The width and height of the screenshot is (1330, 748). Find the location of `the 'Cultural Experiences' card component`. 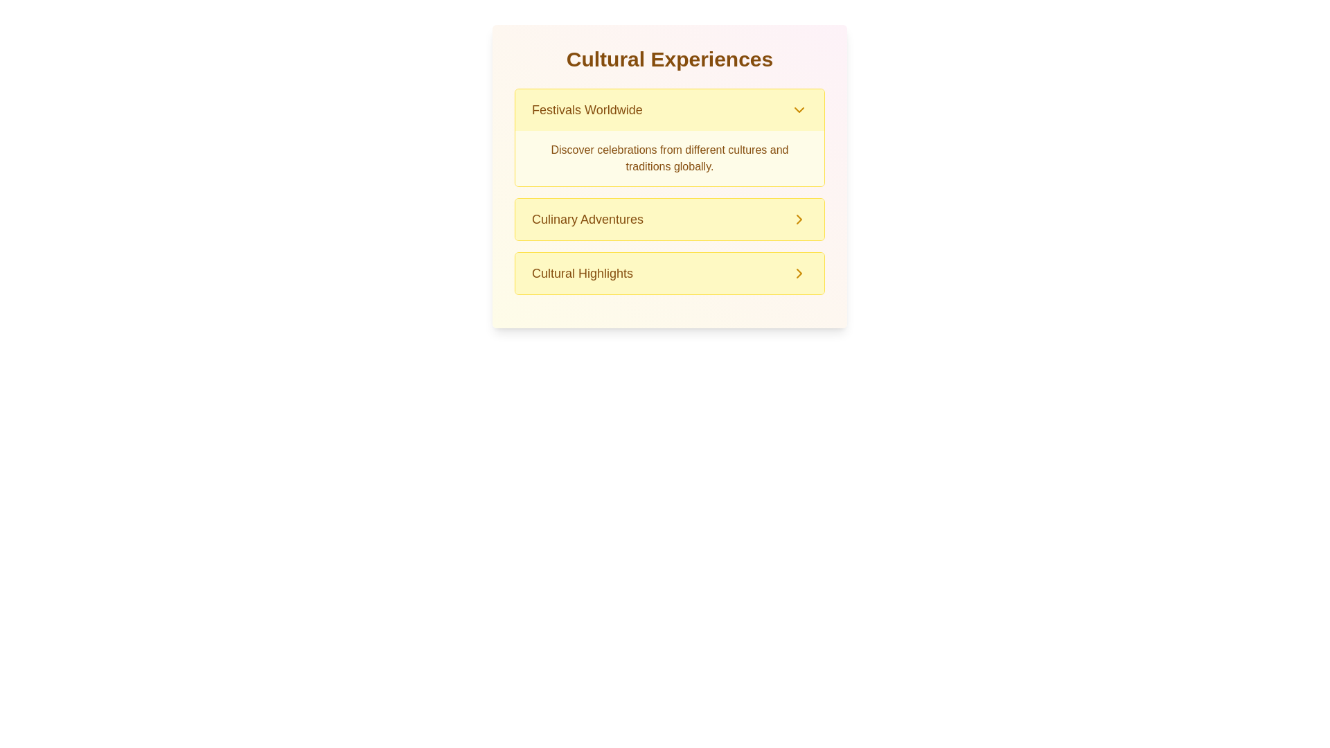

the 'Cultural Experiences' card component is located at coordinates (669, 175).